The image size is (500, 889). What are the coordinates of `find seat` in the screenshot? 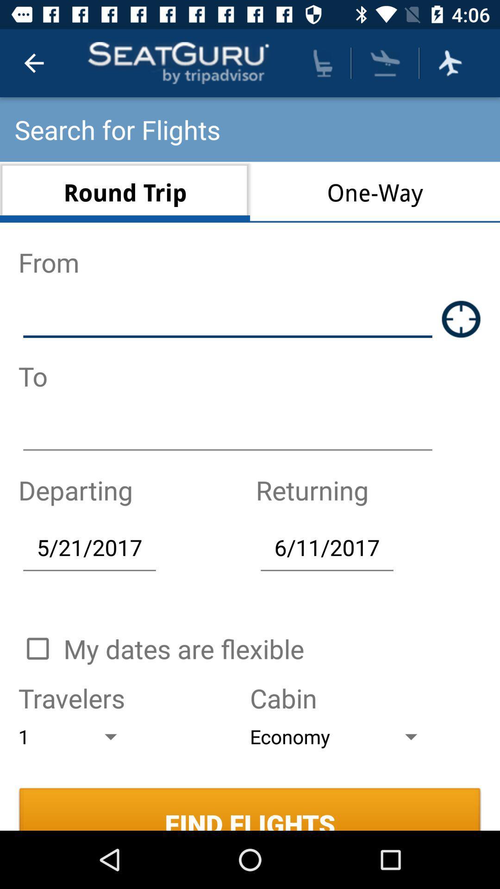 It's located at (322, 63).